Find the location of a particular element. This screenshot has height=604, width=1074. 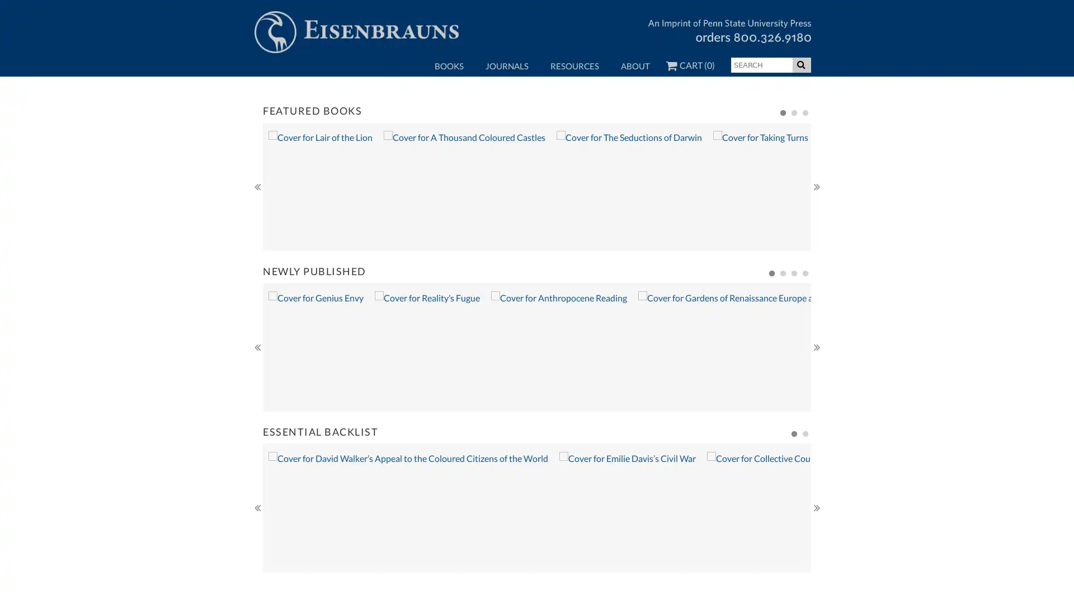

1 is located at coordinates (771, 273).